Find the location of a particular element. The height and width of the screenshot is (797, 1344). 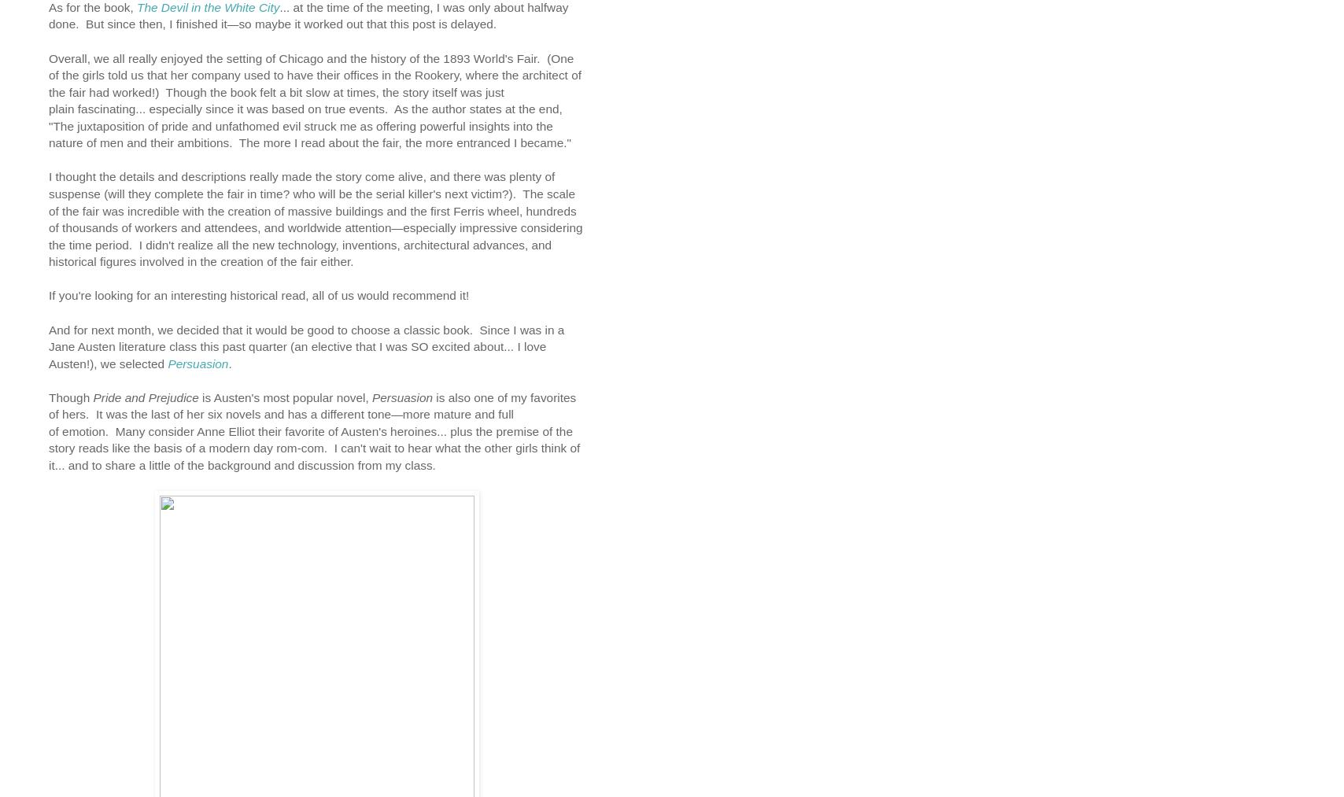

'As for the book,' is located at coordinates (49, 6).